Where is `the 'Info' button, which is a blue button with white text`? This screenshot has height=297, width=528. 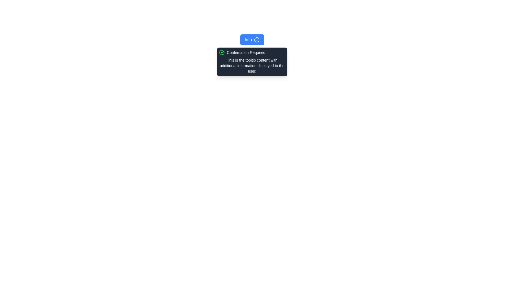
the 'Info' button, which is a blue button with white text is located at coordinates (252, 40).